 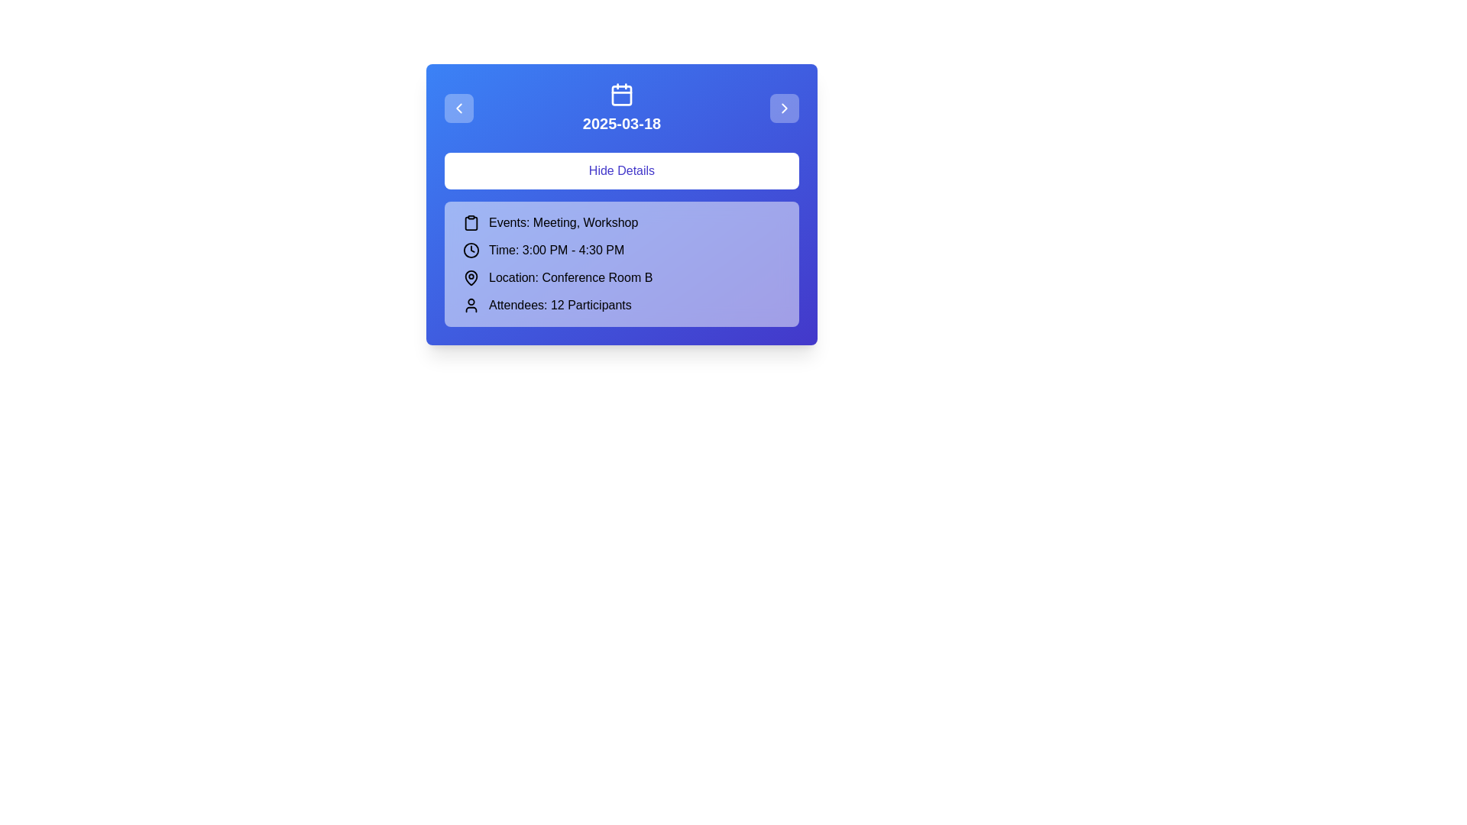 I want to click on the icon associated with the 'Events' text, which is part of an SVG element located near the top left of a highlighted information block, so click(x=471, y=223).